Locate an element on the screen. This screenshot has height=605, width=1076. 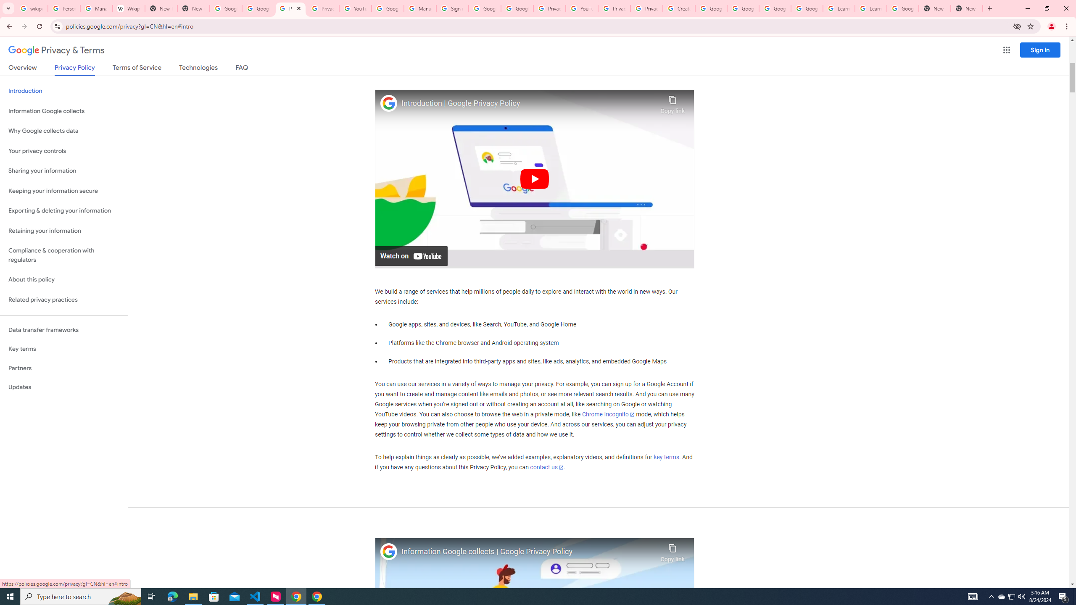
'Related privacy practices' is located at coordinates (63, 299).